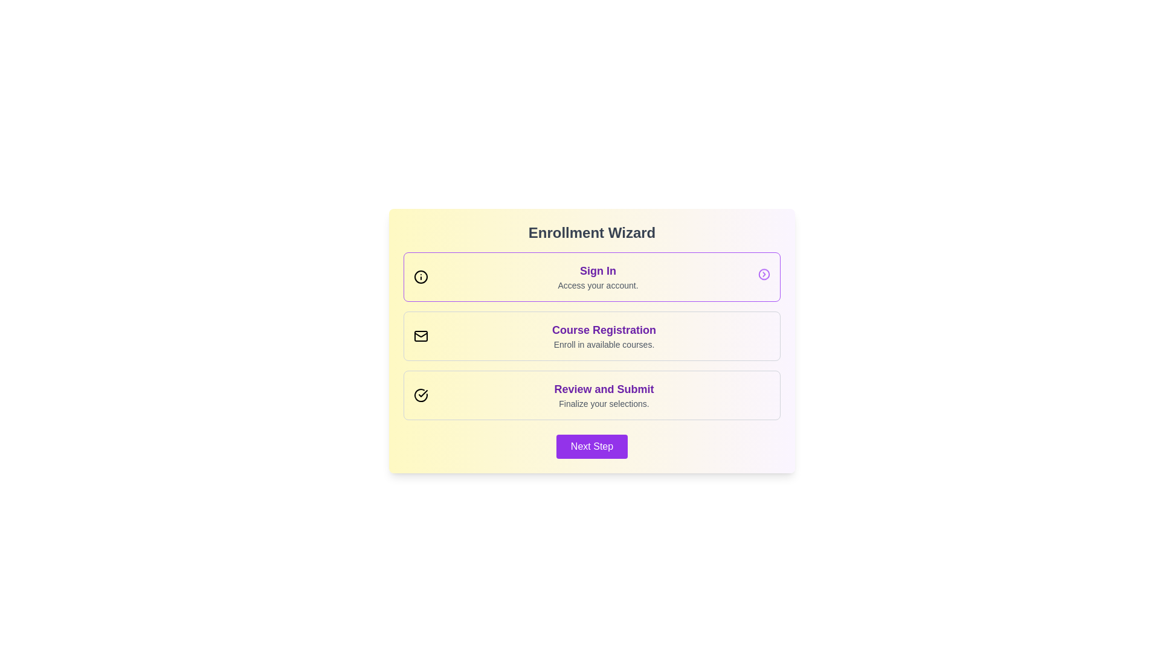 This screenshot has width=1160, height=652. Describe the element at coordinates (420, 277) in the screenshot. I see `the SVG Circle element, which is a circular outline part of an icon located on the left side of the first row of options next to the 'Sign In' label` at that location.